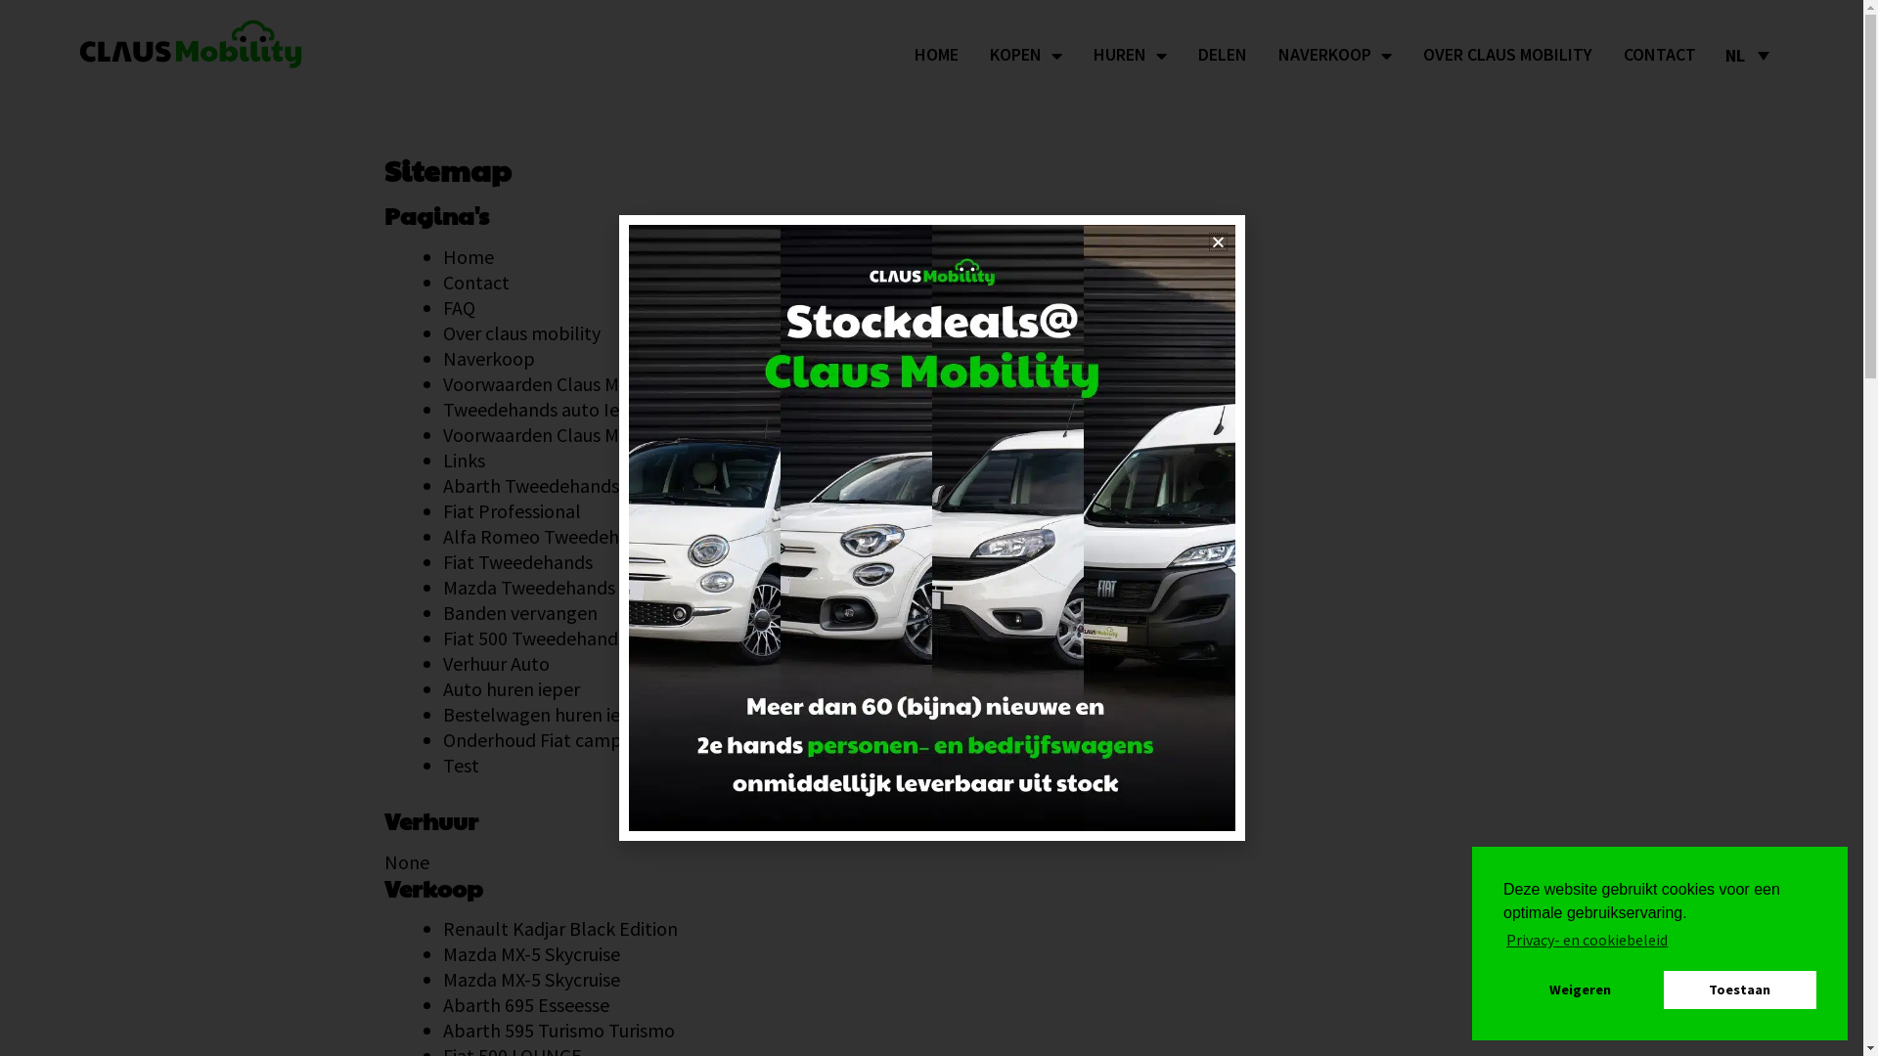  What do you see at coordinates (1130, 54) in the screenshot?
I see `'HUREN'` at bounding box center [1130, 54].